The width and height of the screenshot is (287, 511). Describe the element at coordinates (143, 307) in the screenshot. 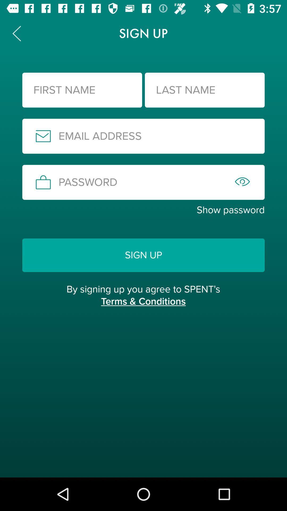

I see `item below by signing up item` at that location.